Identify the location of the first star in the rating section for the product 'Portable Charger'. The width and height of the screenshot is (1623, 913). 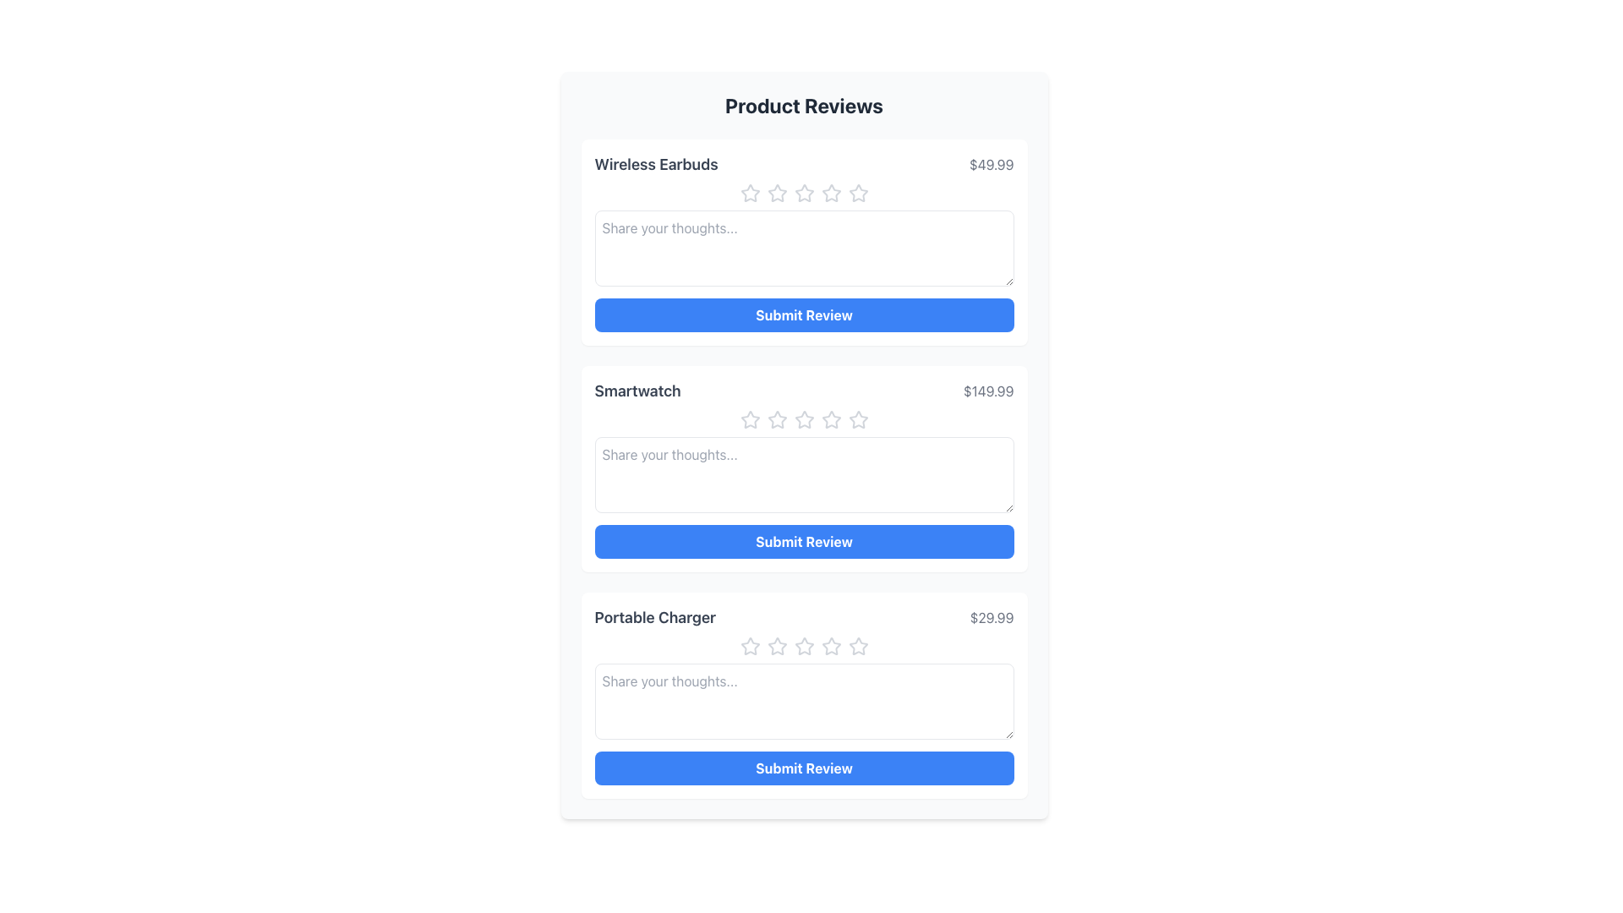
(749, 646).